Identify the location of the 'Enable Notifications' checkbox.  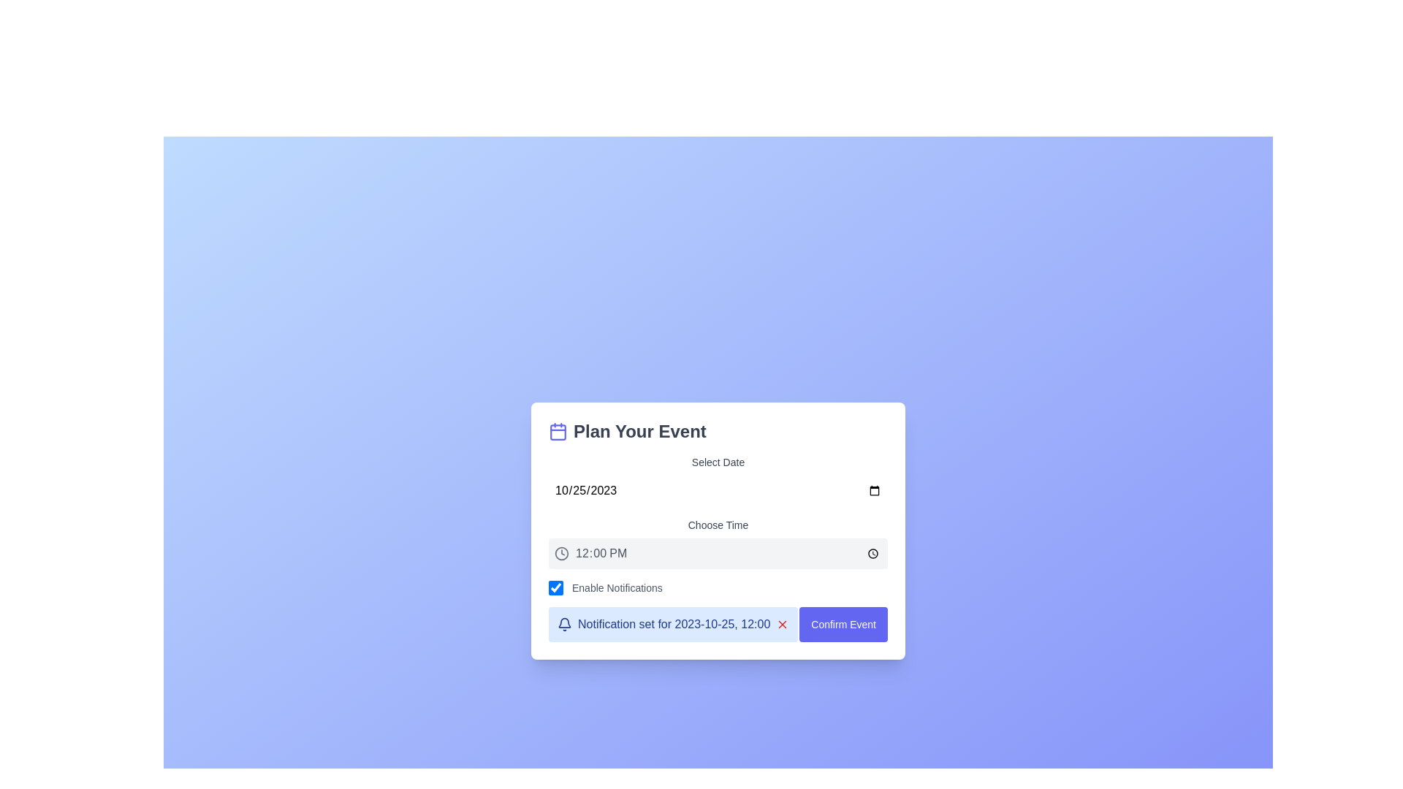
(718, 587).